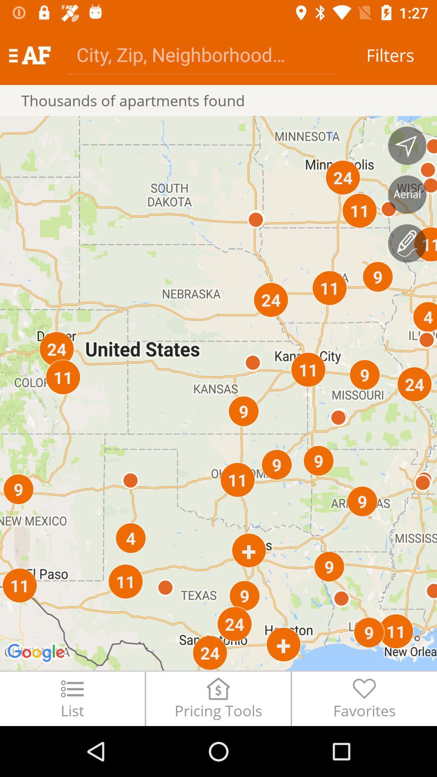 This screenshot has width=437, height=777. What do you see at coordinates (29, 55) in the screenshot?
I see `icon above the thousands of apartments icon` at bounding box center [29, 55].